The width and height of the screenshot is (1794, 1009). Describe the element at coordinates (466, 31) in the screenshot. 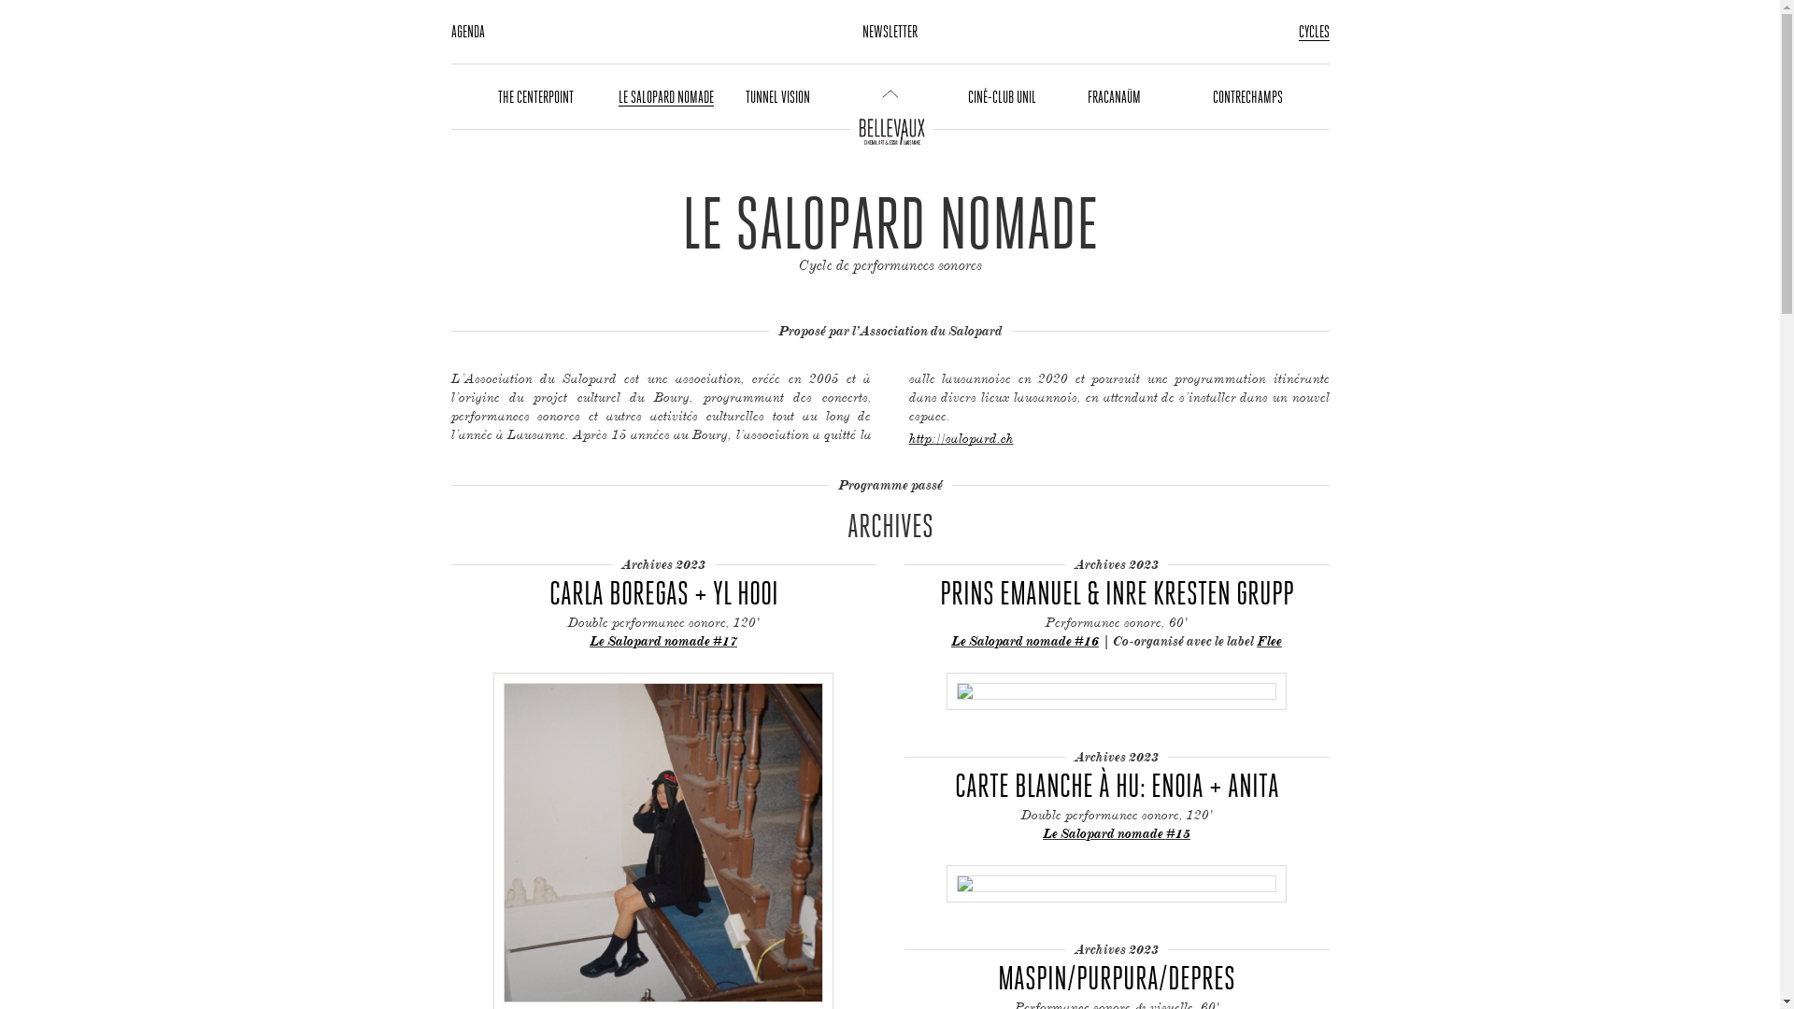

I see `'AGENDA'` at that location.